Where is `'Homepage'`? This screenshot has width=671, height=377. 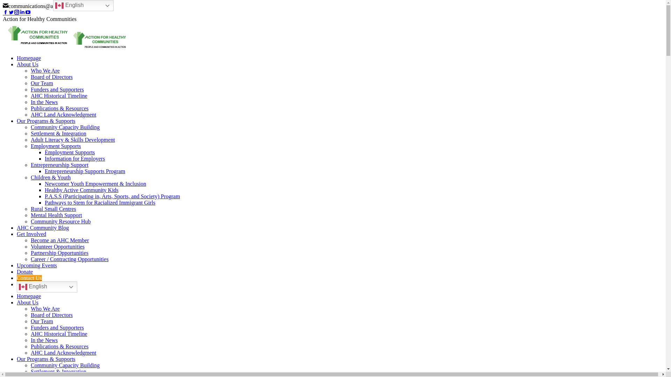
'Homepage' is located at coordinates (28, 58).